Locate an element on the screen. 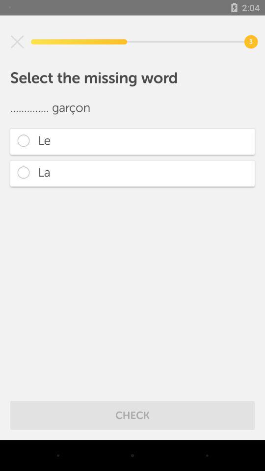 The width and height of the screenshot is (265, 471). le icon is located at coordinates (132, 141).